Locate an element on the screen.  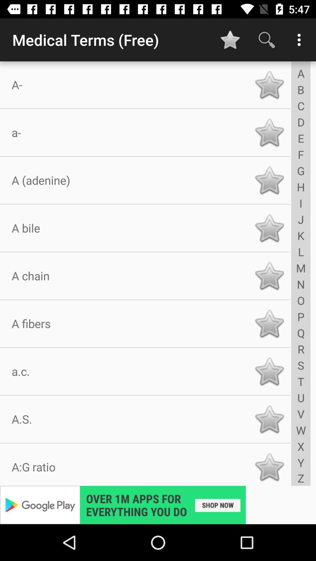
make a favorite word is located at coordinates (269, 371).